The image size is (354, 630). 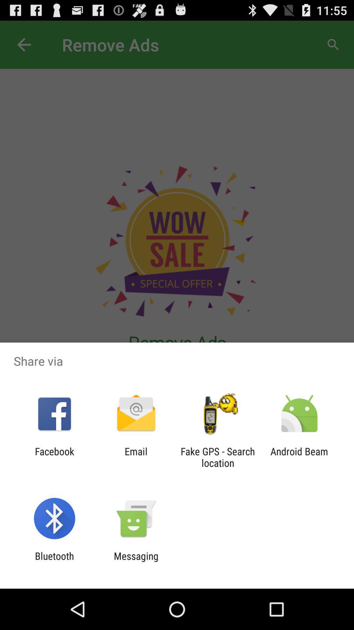 What do you see at coordinates (218, 457) in the screenshot?
I see `icon next to the email` at bounding box center [218, 457].